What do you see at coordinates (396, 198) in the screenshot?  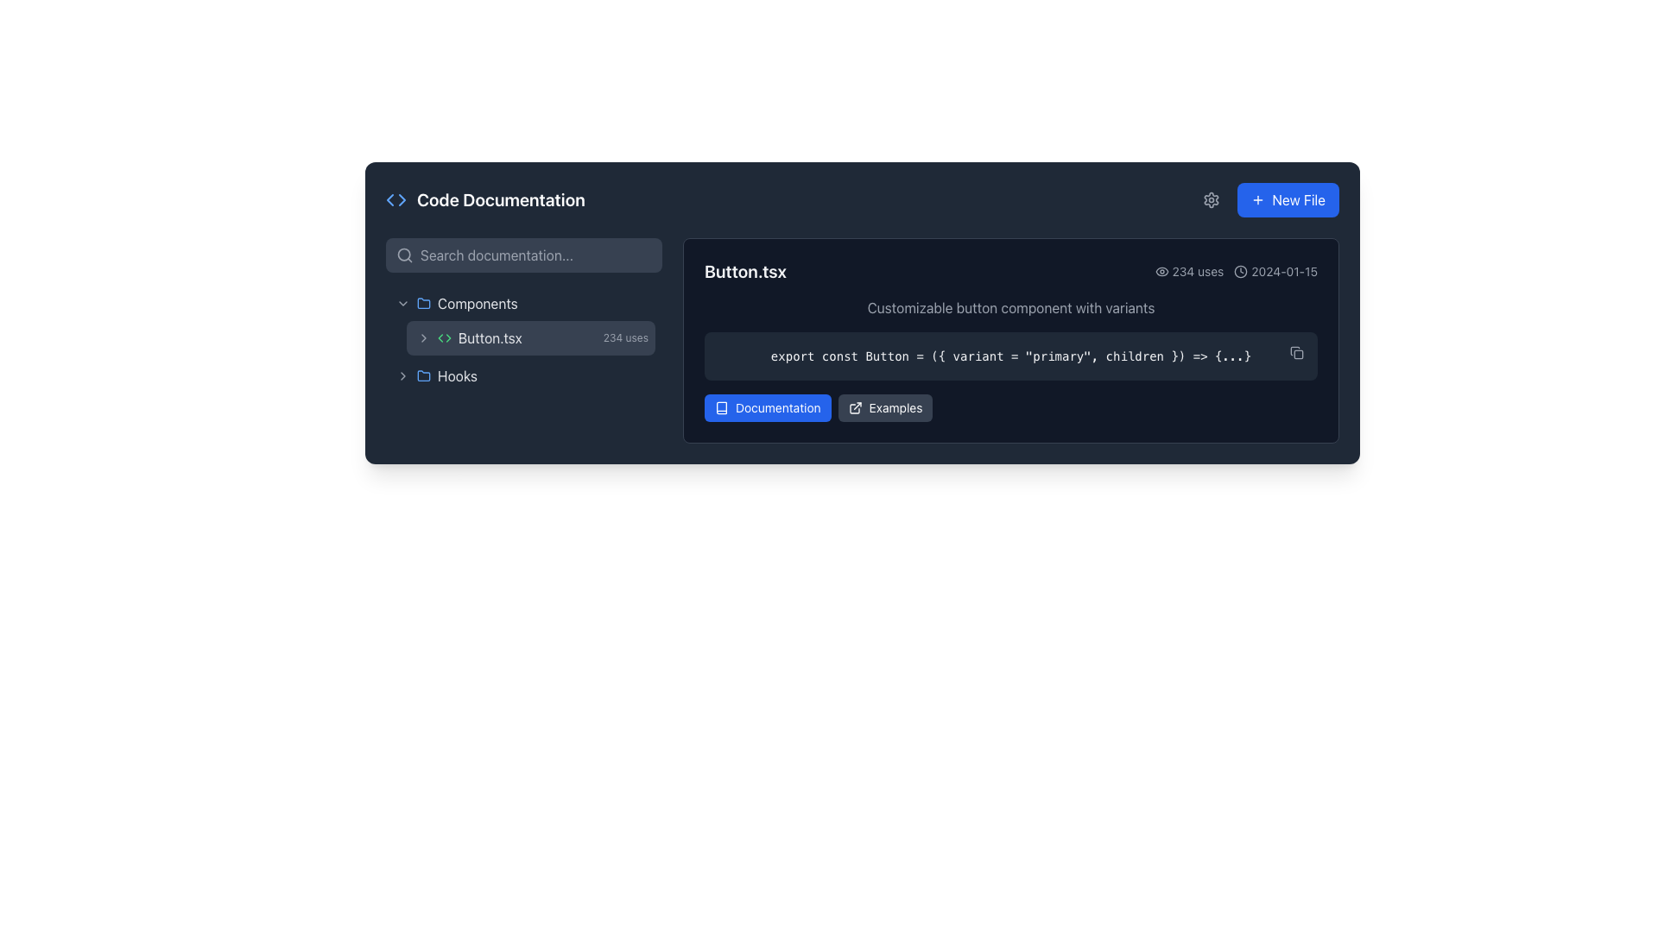 I see `the blue icon resembling coding brackets, which is located to the left of the 'Code Documentation' text label` at bounding box center [396, 198].